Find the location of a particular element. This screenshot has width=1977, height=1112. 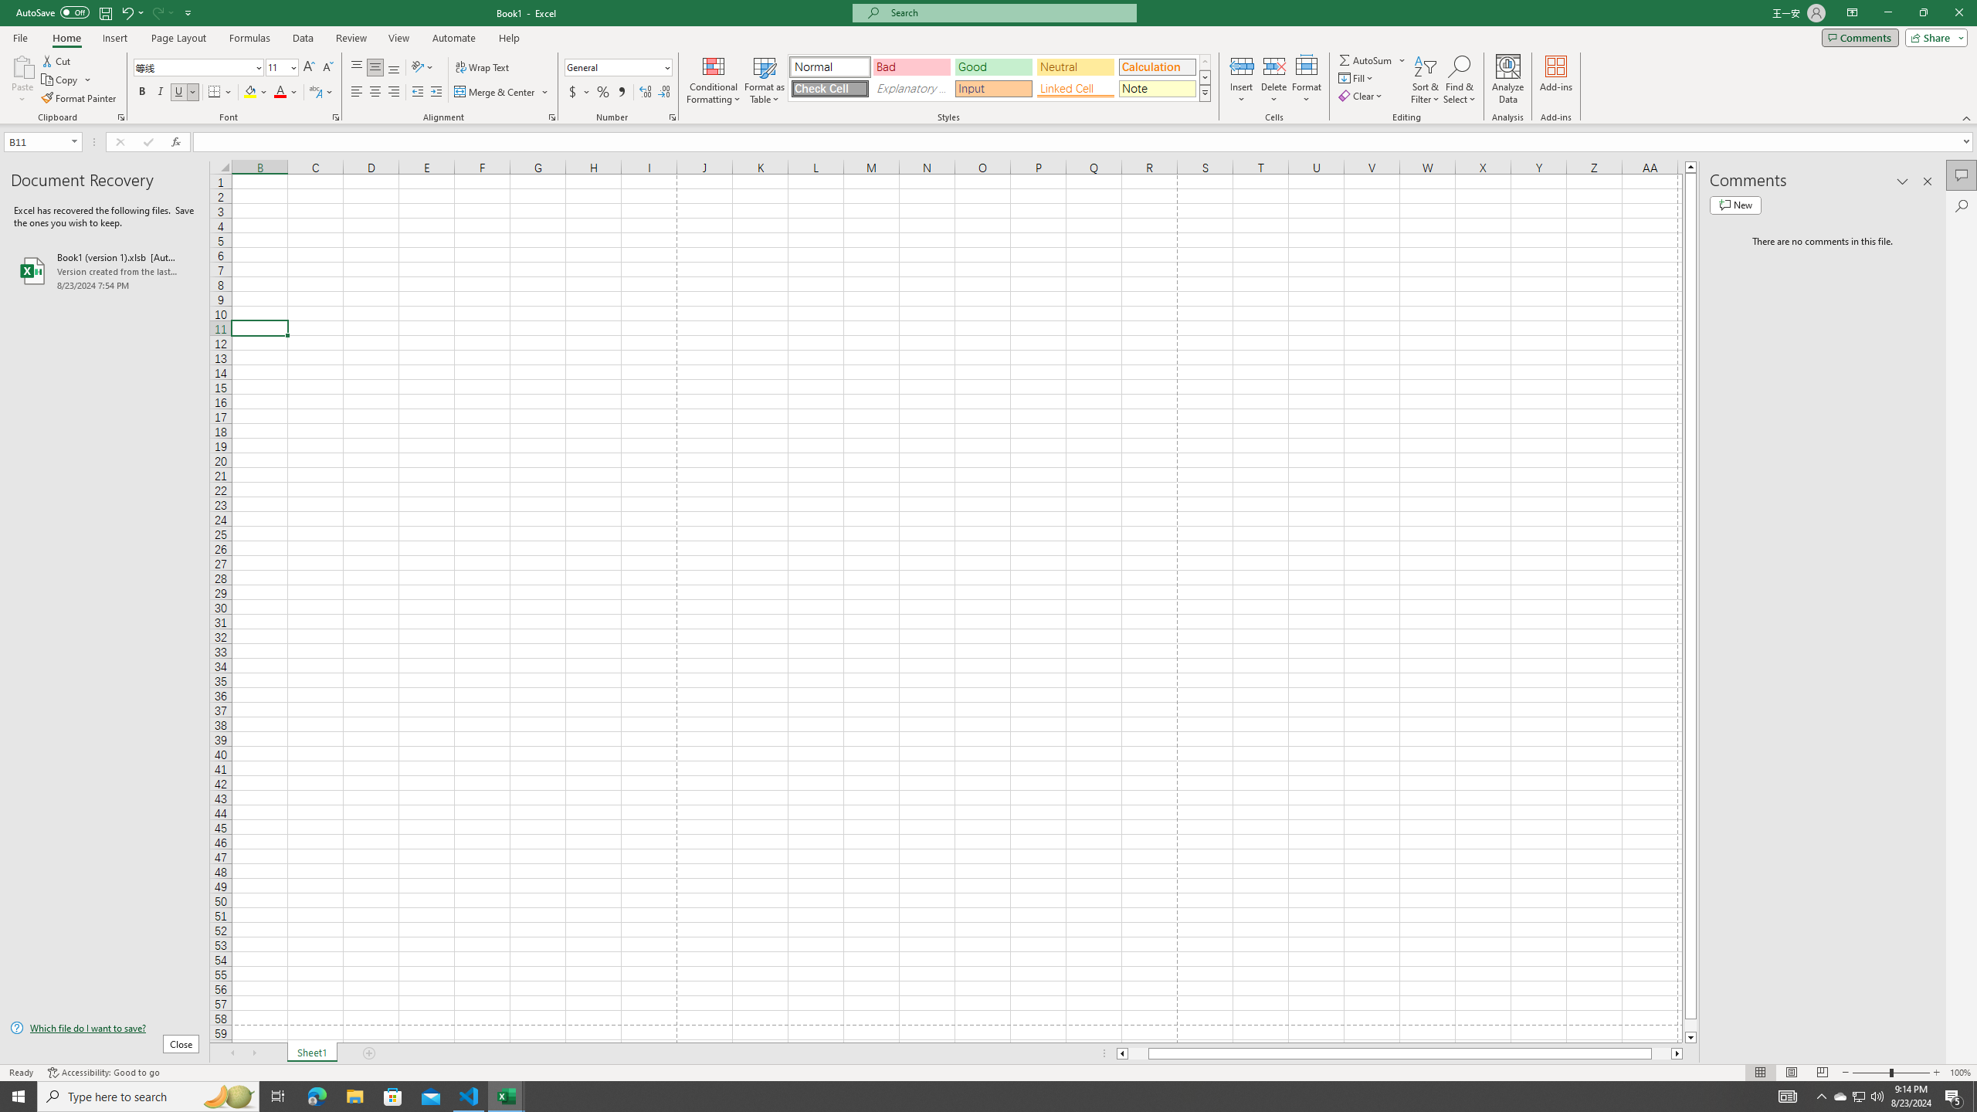

'Conditional Formatting' is located at coordinates (714, 80).